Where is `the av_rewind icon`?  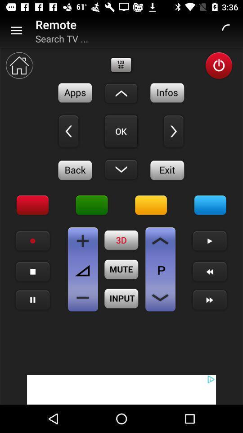
the av_rewind icon is located at coordinates (210, 271).